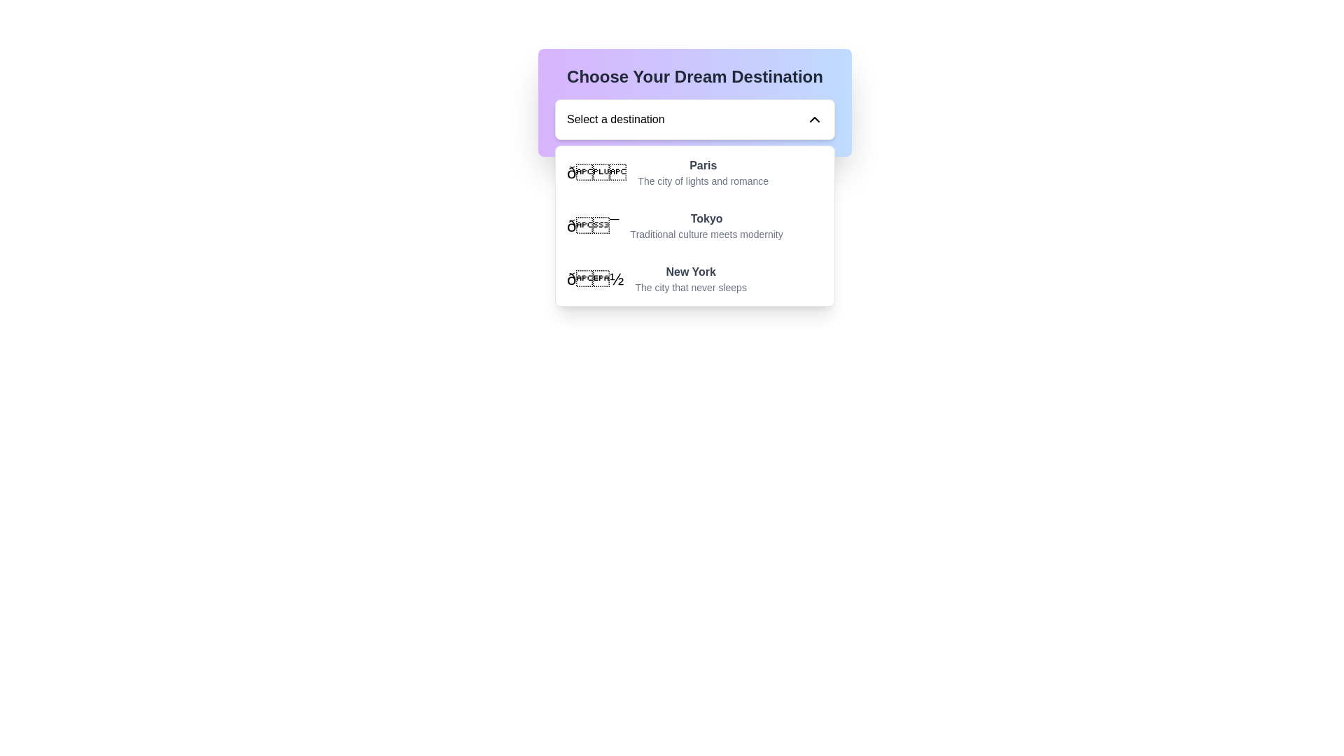 The height and width of the screenshot is (756, 1344). What do you see at coordinates (615, 118) in the screenshot?
I see `text from the label indicating the destination selection, located under the heading 'Choose Your Dream Destination', inside a white rounded rectangle` at bounding box center [615, 118].